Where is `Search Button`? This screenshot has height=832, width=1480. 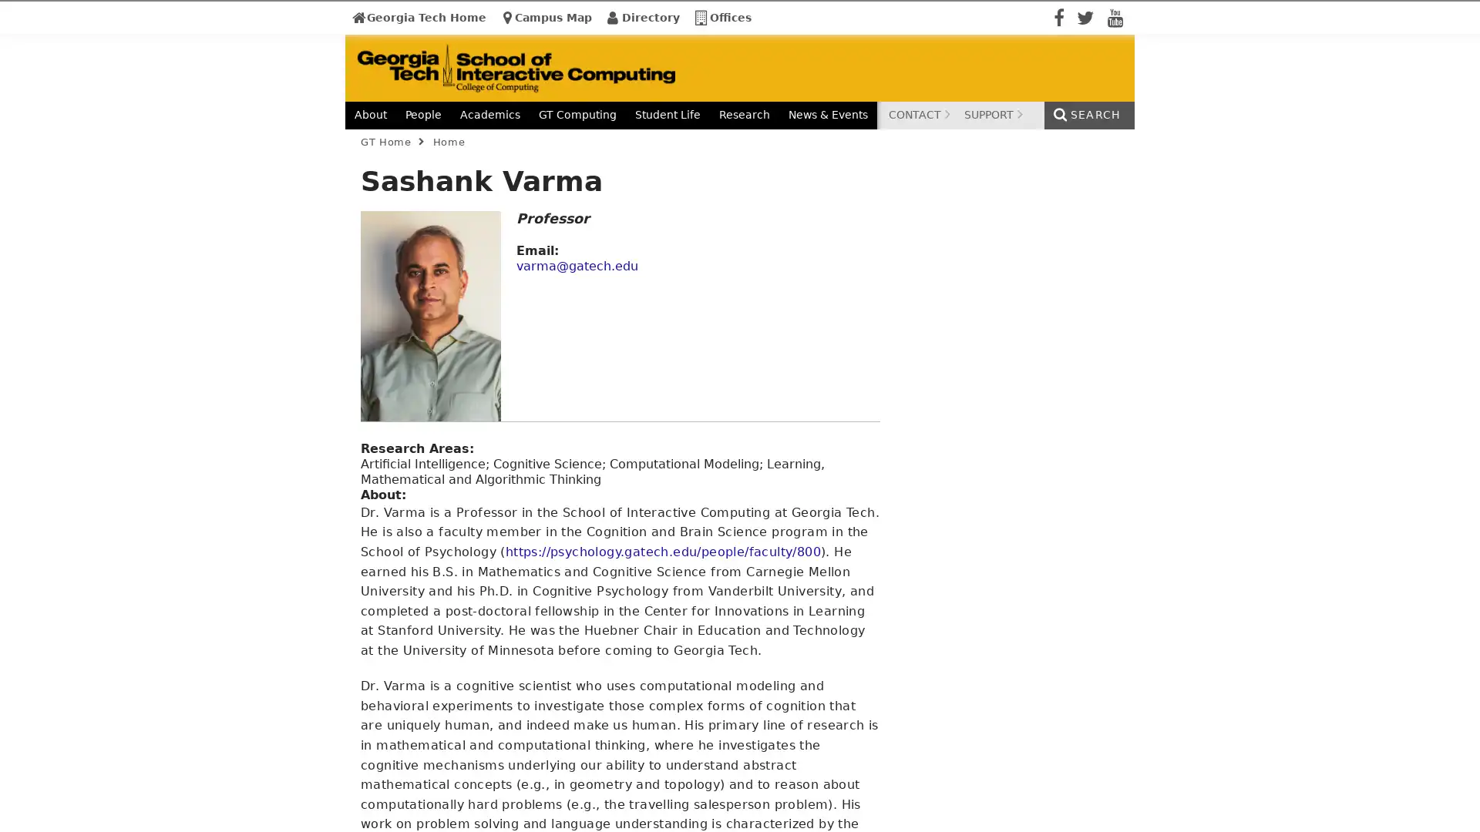
Search Button is located at coordinates (1209, 139).